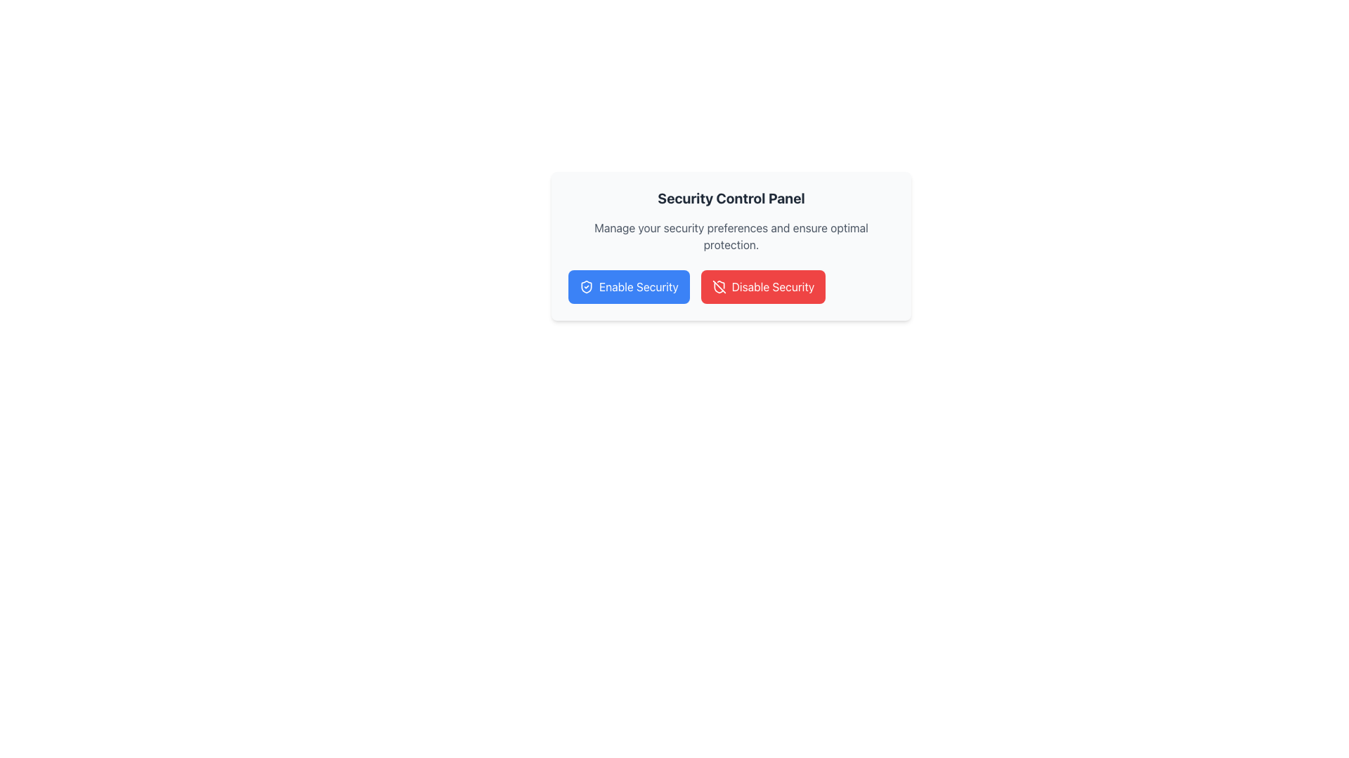  I want to click on the rectangular button with a red background and white text that reads 'Disable Security', so click(762, 286).